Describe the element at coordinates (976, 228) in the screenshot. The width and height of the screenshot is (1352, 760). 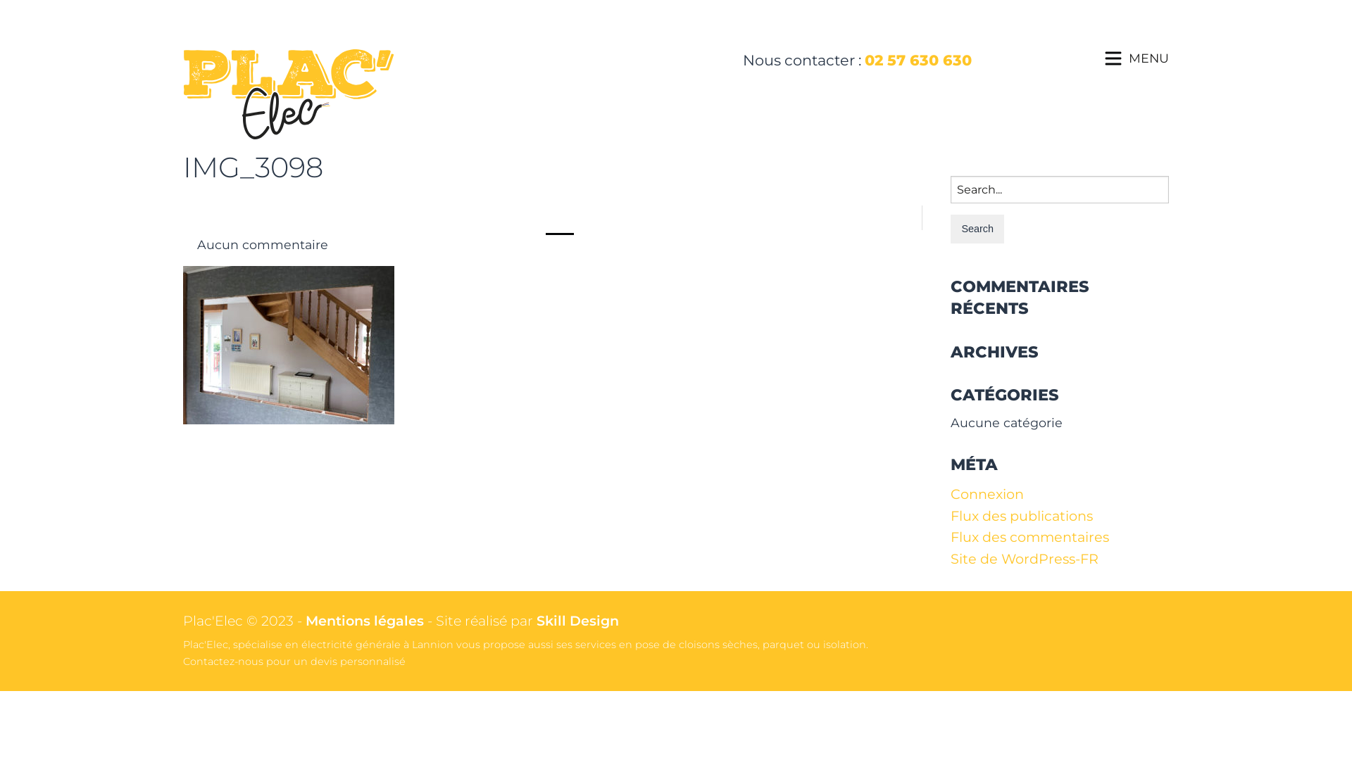
I see `'Search'` at that location.